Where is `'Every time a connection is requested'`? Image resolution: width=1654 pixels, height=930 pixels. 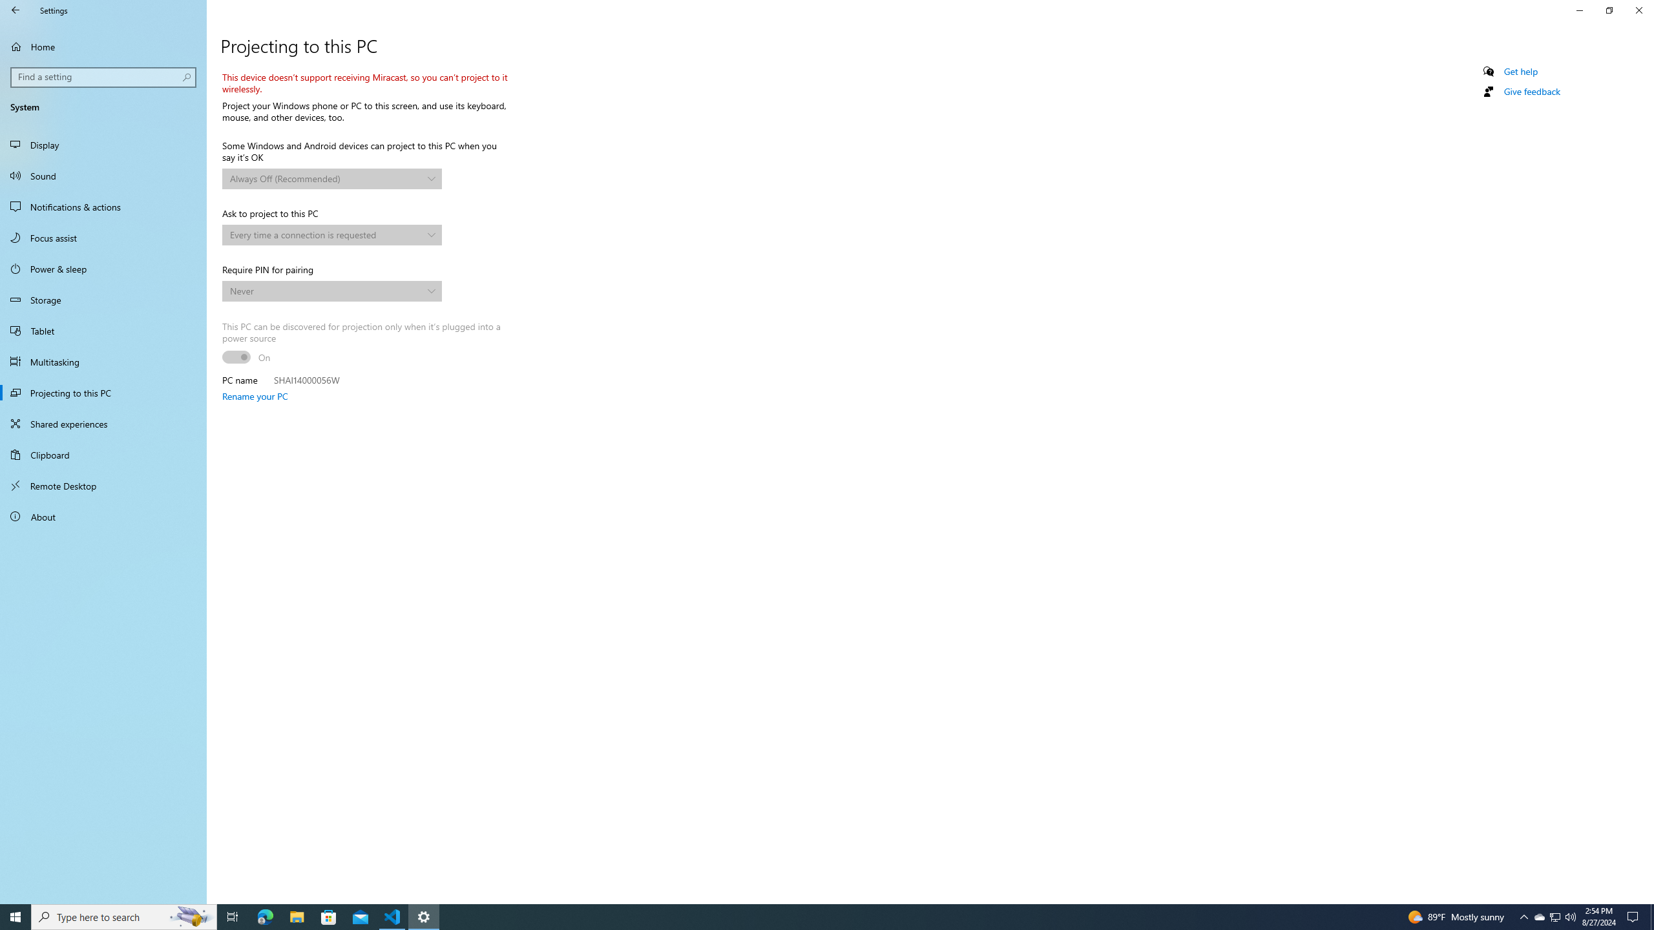
'Every time a connection is requested' is located at coordinates (326, 234).